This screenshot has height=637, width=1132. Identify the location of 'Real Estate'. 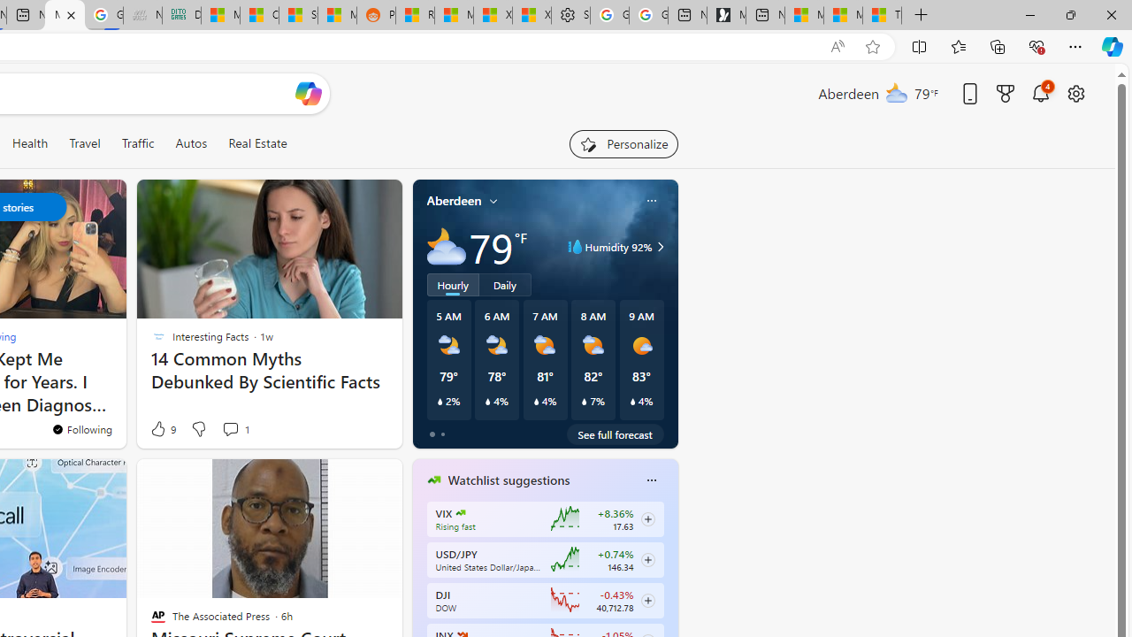
(256, 142).